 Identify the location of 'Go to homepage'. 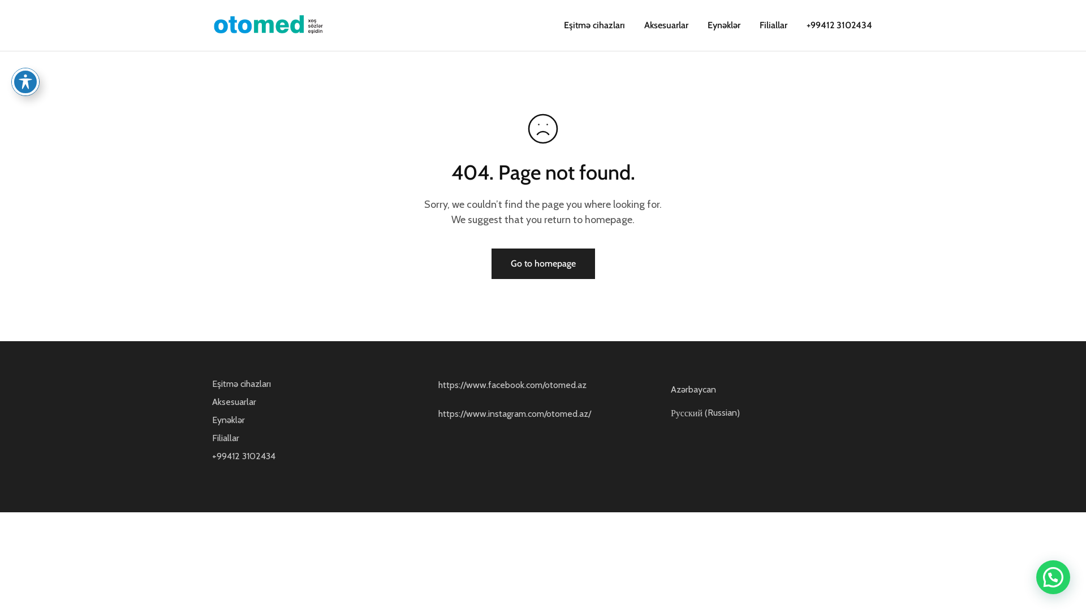
(542, 263).